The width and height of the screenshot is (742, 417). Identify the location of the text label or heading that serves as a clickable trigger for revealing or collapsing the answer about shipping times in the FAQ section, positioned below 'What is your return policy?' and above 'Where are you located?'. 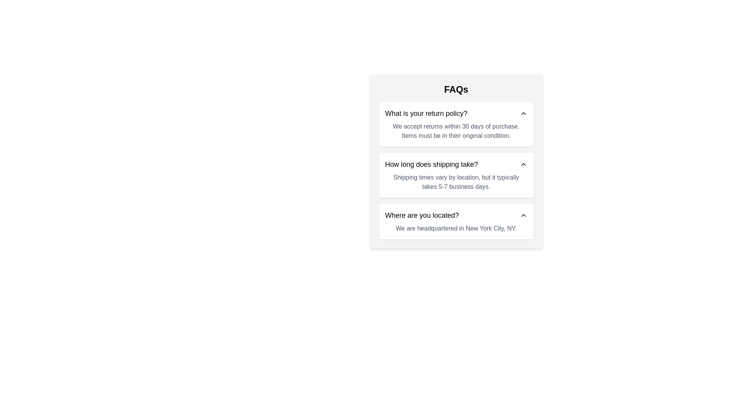
(431, 164).